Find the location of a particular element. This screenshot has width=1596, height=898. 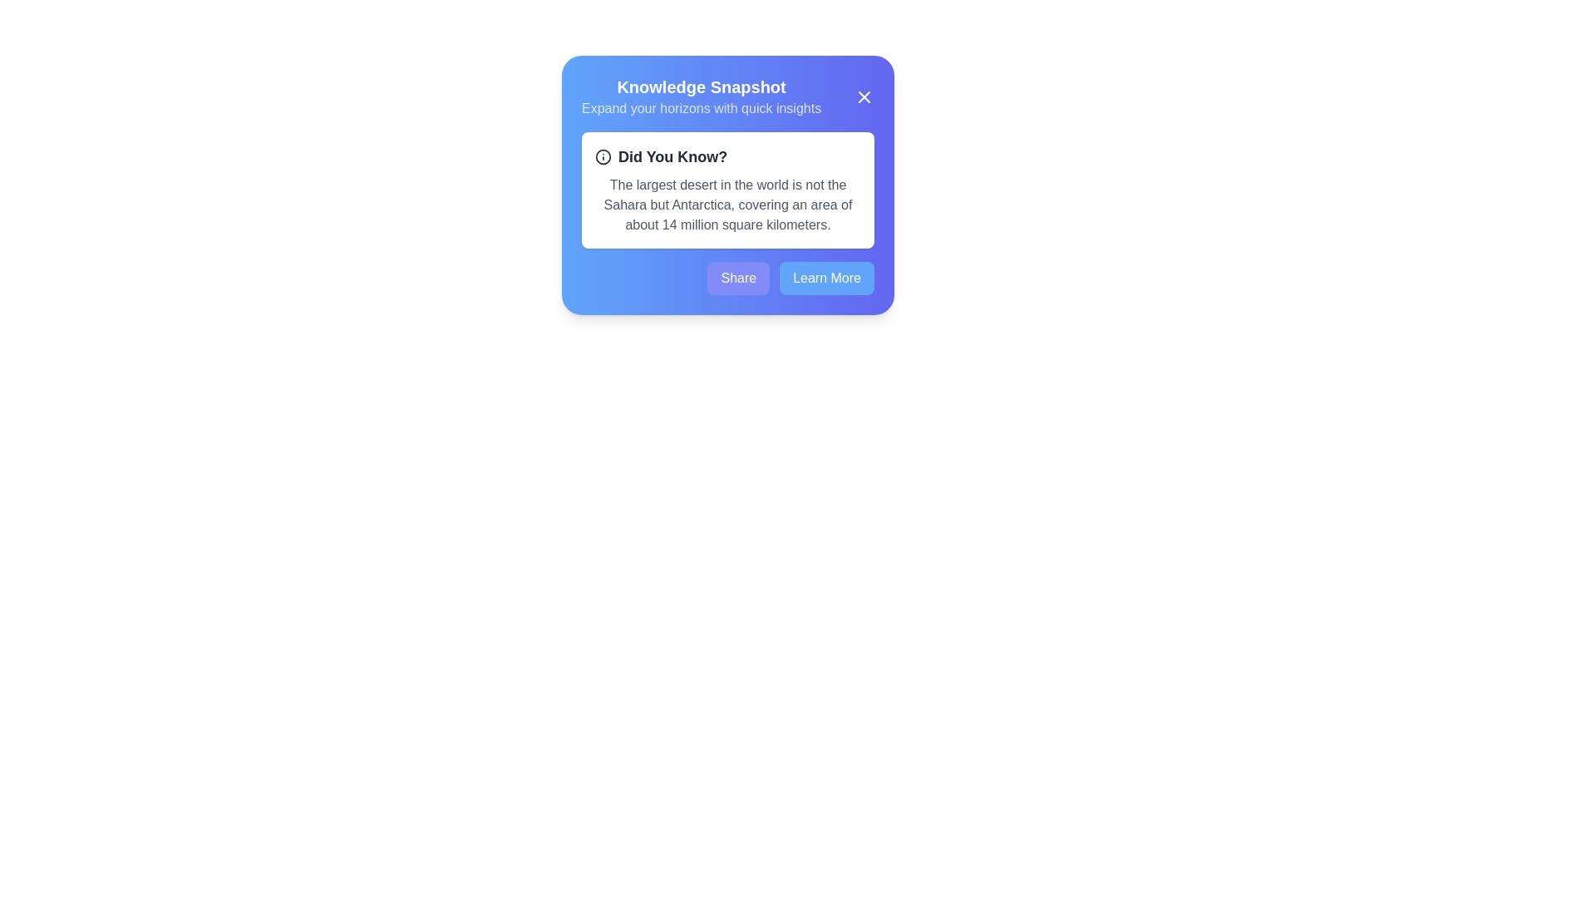

the informative text paragraph styled with a smaller gray font located beneath the bolded 'Did You Know?' prompt within the white rectangular card is located at coordinates (727, 204).